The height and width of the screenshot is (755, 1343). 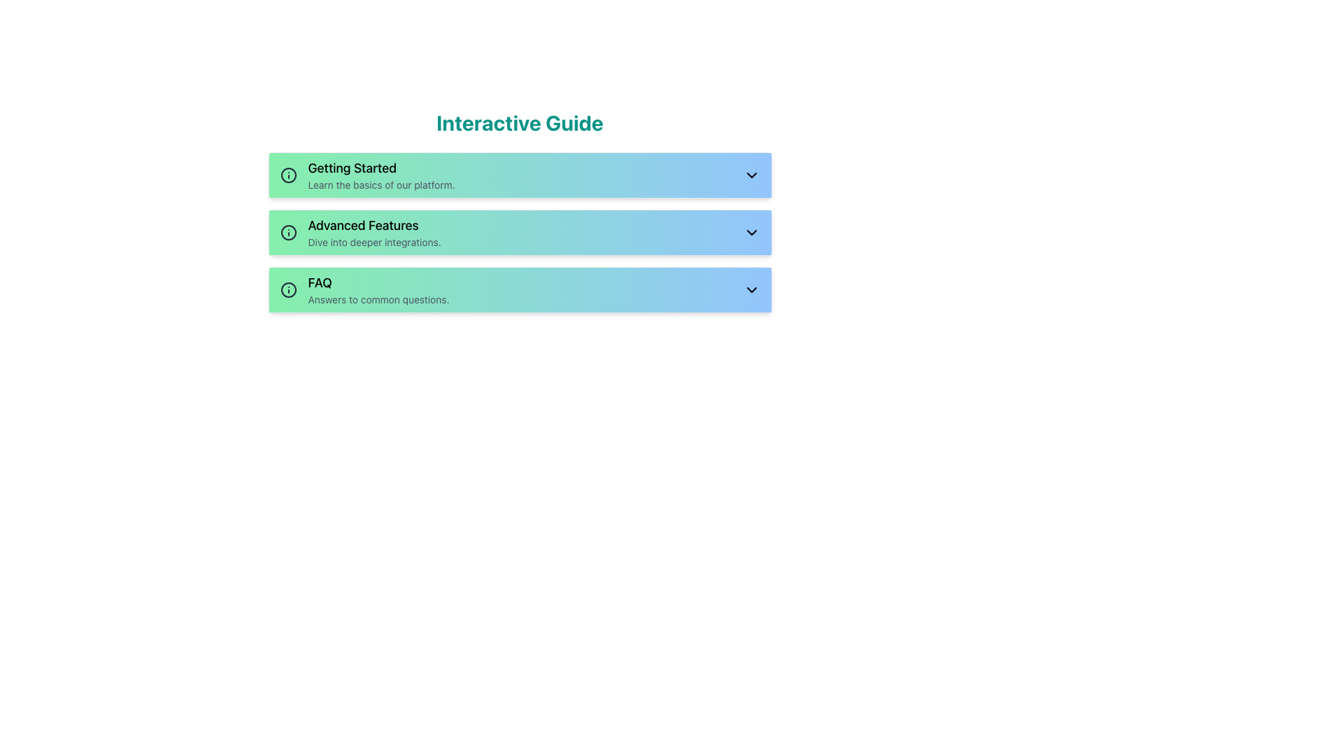 What do you see at coordinates (751, 289) in the screenshot?
I see `the chevron-down icon located in the third section of the list titled 'FAQ', adjacent to the text 'Answers to common questions'` at bounding box center [751, 289].